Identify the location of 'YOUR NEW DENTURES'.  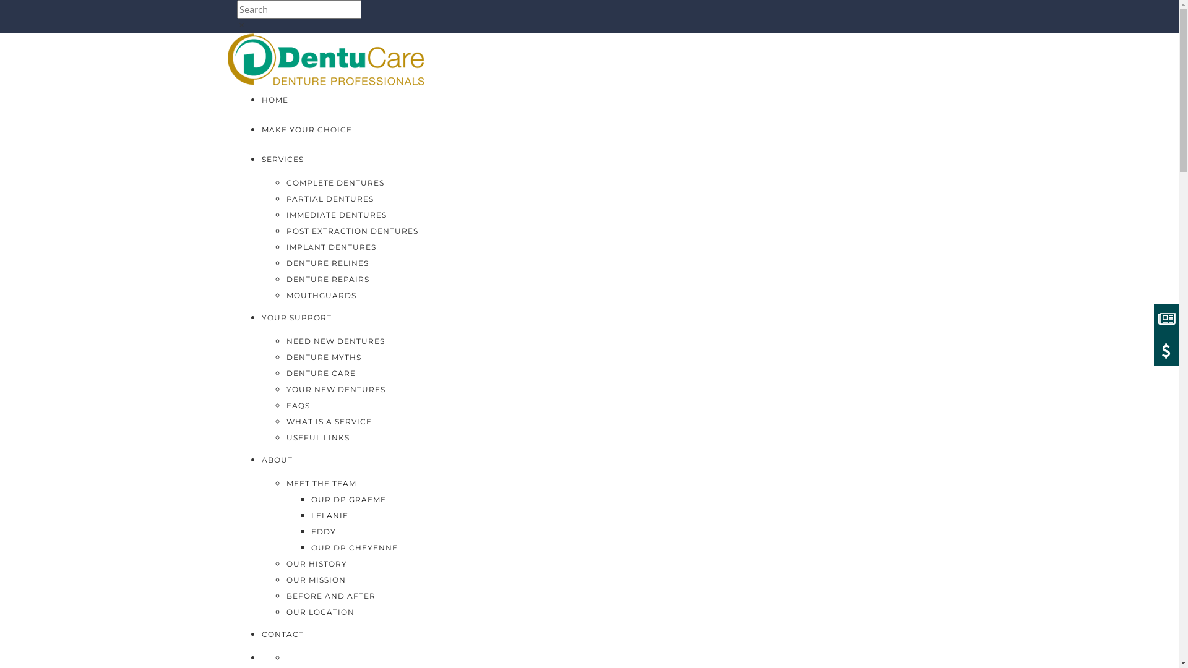
(335, 388).